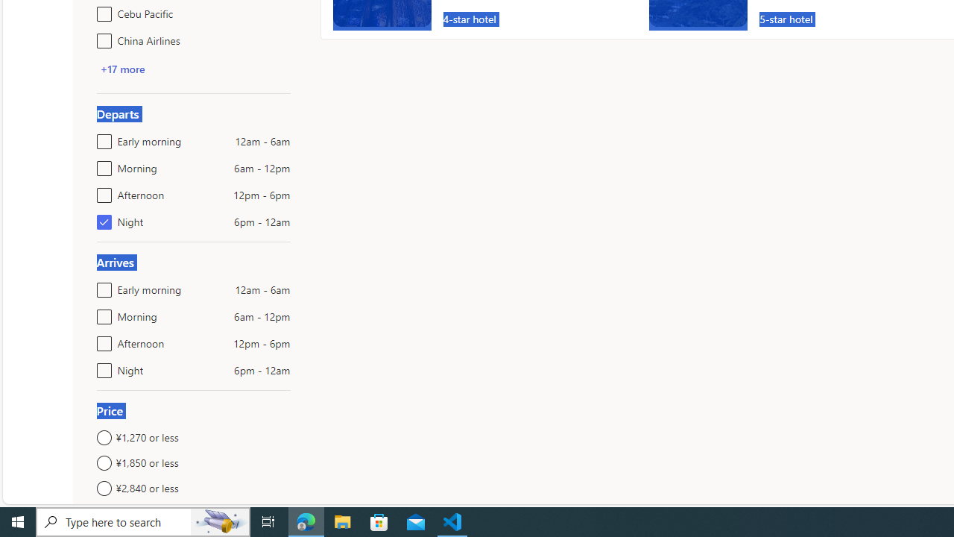  Describe the element at coordinates (101, 367) in the screenshot. I see `'Night6pm - 12am'` at that location.